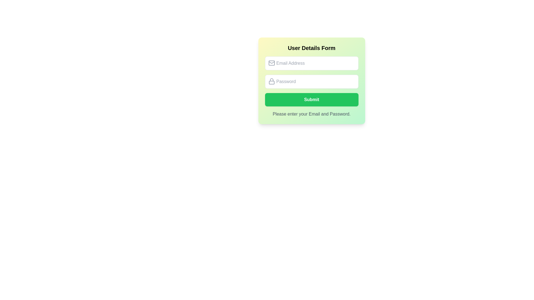 The image size is (534, 300). I want to click on the envelope icon indicating a mail-related function located inside the 'Email Address' input field of the 'User Details Form', so click(271, 63).